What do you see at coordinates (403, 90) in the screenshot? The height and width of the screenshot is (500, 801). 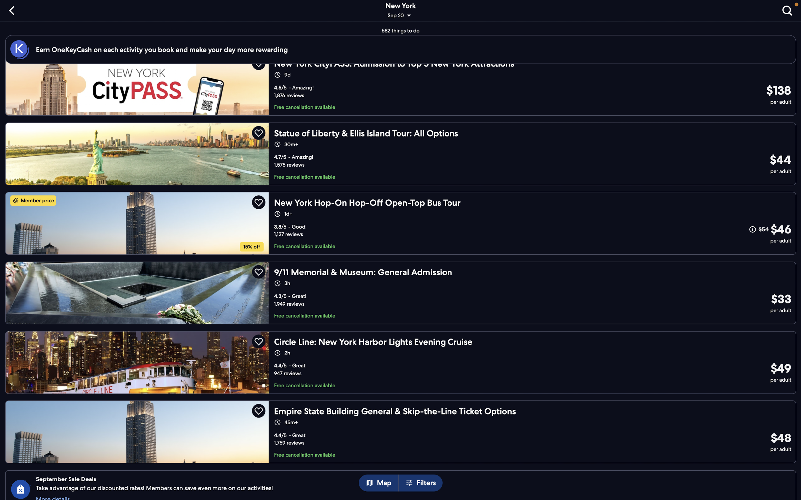 I see `the "citypass newyork" option to view available packages` at bounding box center [403, 90].